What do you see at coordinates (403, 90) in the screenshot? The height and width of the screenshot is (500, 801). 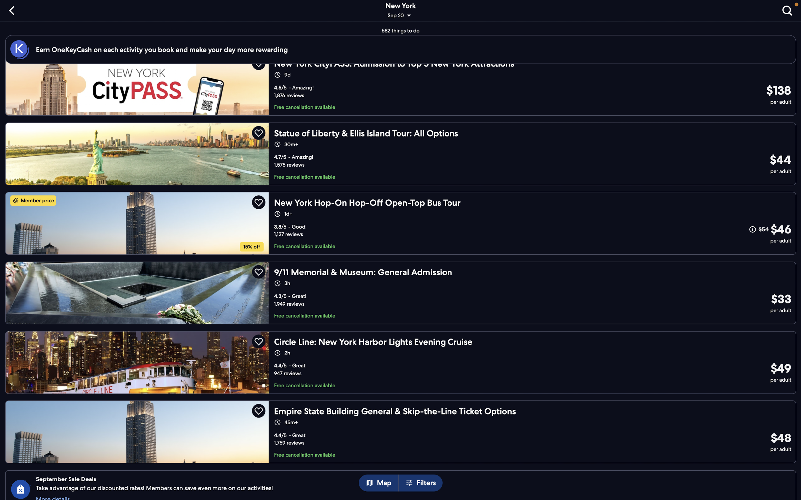 I see `the "citypass newyork" option to view available packages` at bounding box center [403, 90].